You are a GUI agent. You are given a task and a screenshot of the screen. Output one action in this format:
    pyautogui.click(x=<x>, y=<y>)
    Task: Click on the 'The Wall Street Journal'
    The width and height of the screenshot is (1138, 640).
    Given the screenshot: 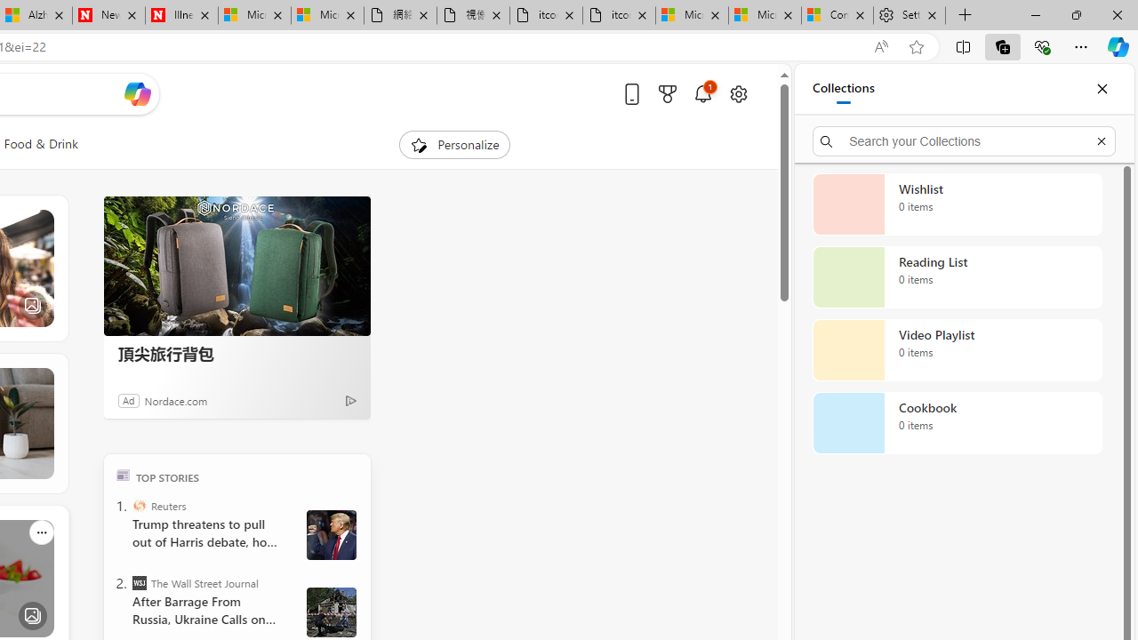 What is the action you would take?
    pyautogui.click(x=138, y=582)
    